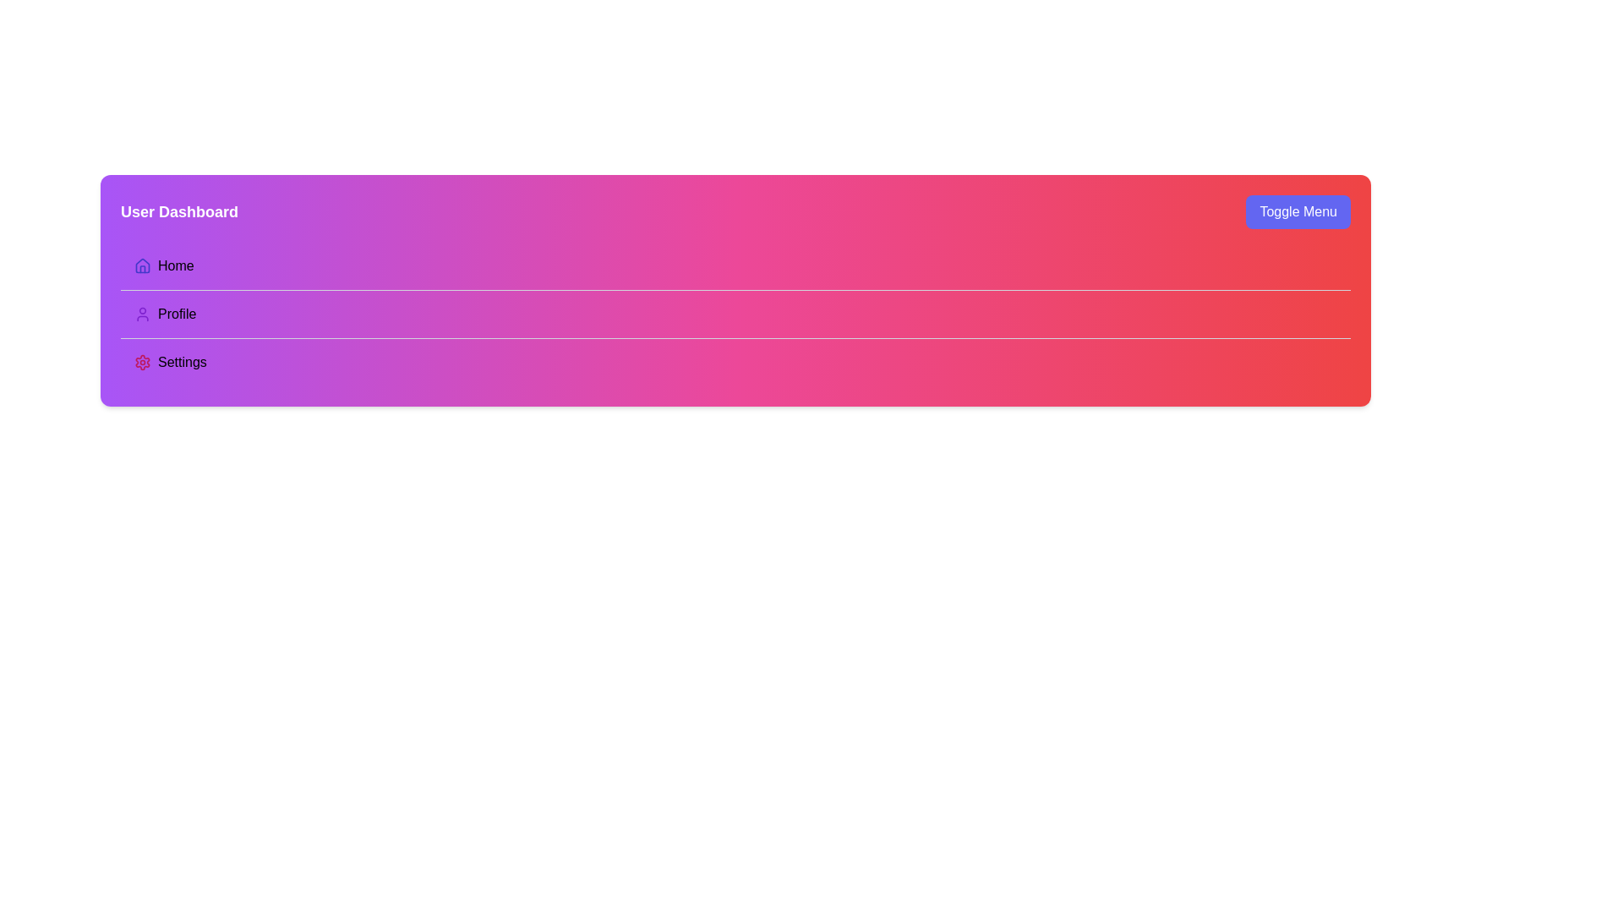  Describe the element at coordinates (142, 265) in the screenshot. I see `the house icon in the navigation menu, which is positioned to the left of the 'Home' text` at that location.